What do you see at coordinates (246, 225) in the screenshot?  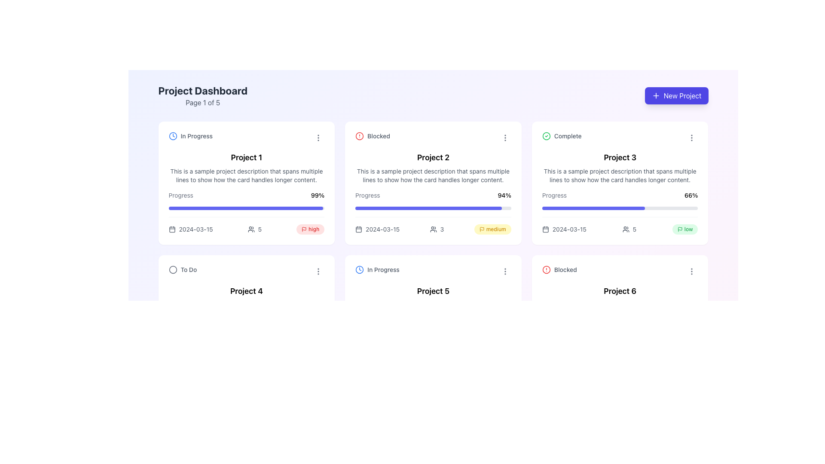 I see `the text '5' with the accompanying group icon, which is the second item within a sequence of three elements at the bottom of the 'Project 1' card` at bounding box center [246, 225].